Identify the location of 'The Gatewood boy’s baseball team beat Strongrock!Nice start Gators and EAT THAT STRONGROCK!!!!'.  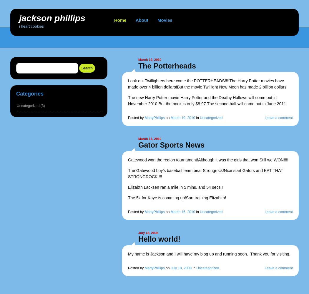
(128, 173).